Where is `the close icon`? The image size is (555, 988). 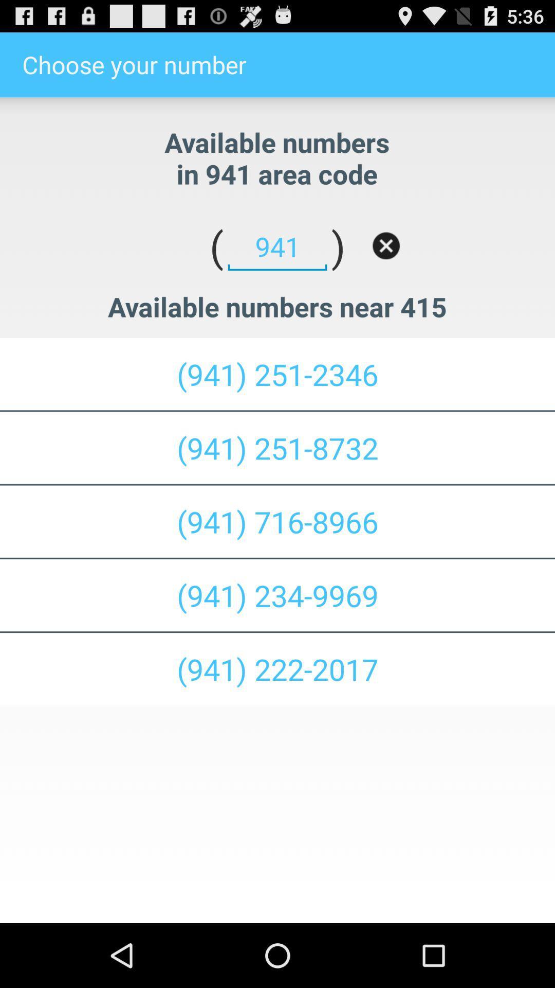 the close icon is located at coordinates (386, 263).